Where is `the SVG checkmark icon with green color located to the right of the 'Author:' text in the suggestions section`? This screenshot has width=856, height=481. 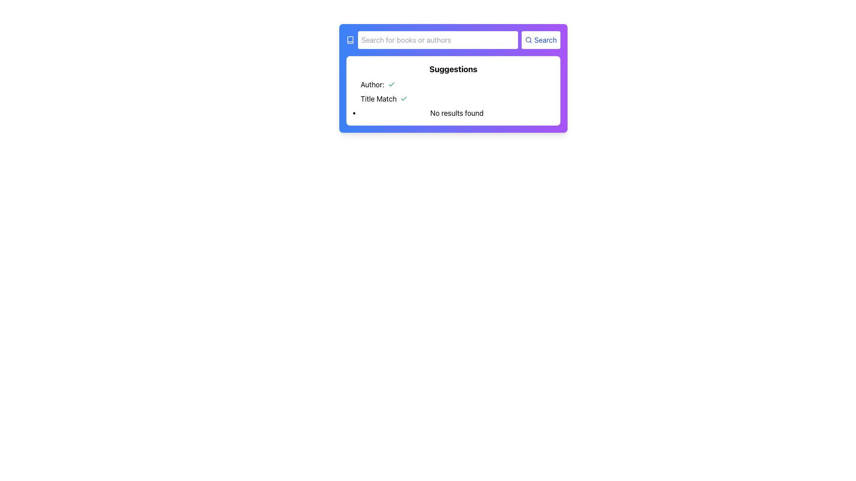 the SVG checkmark icon with green color located to the right of the 'Author:' text in the suggestions section is located at coordinates (391, 84).